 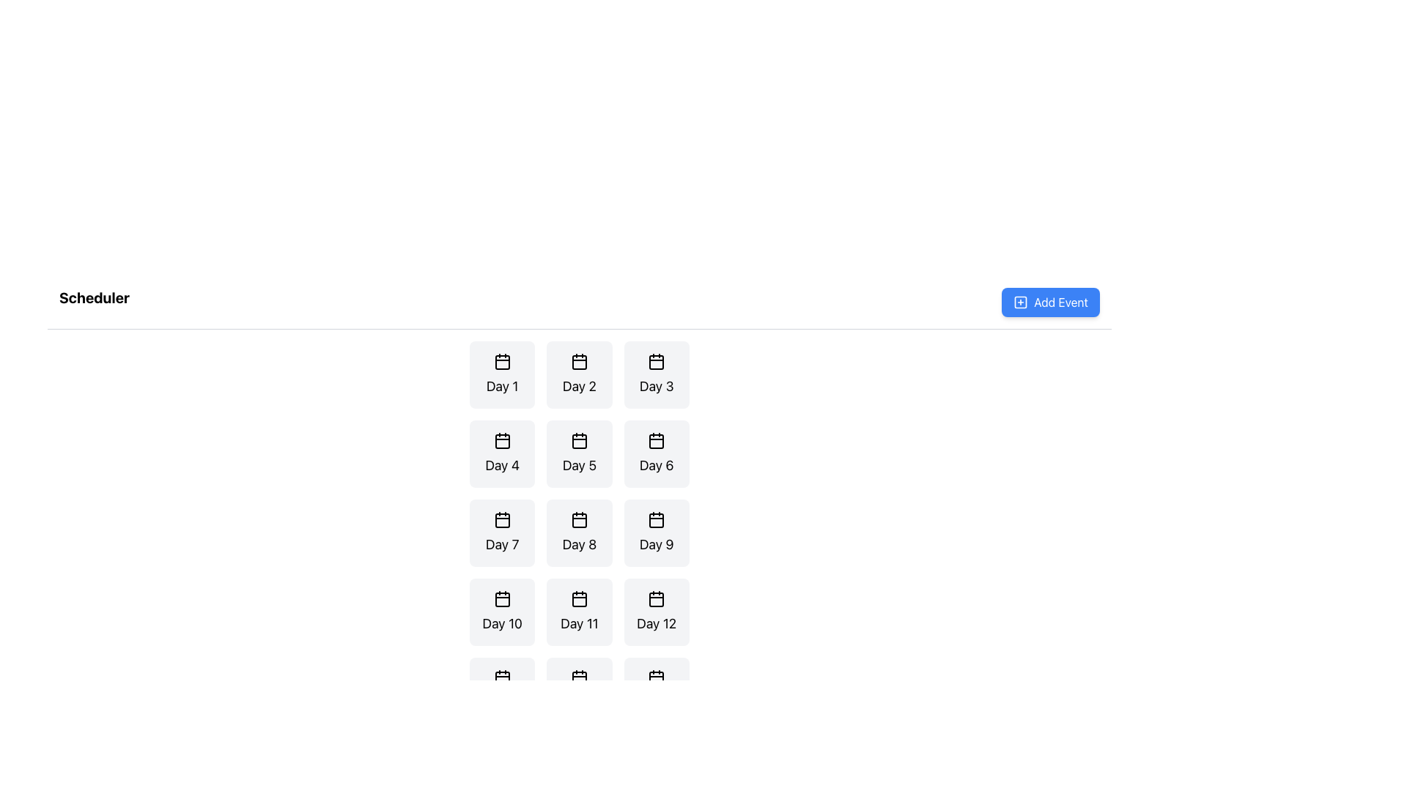 What do you see at coordinates (656, 519) in the screenshot?
I see `the small, rectangular calendar icon component located in the 'Scheduler' section, specifically associated with the 'Day 9' label` at bounding box center [656, 519].